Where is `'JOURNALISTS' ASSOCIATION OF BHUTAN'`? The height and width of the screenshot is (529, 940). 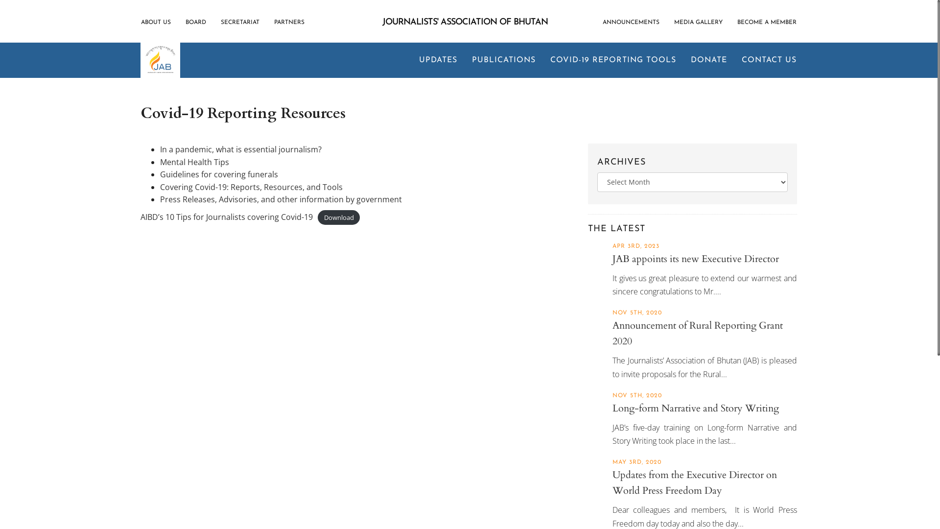
'JOURNALISTS' ASSOCIATION OF BHUTAN' is located at coordinates (465, 22).